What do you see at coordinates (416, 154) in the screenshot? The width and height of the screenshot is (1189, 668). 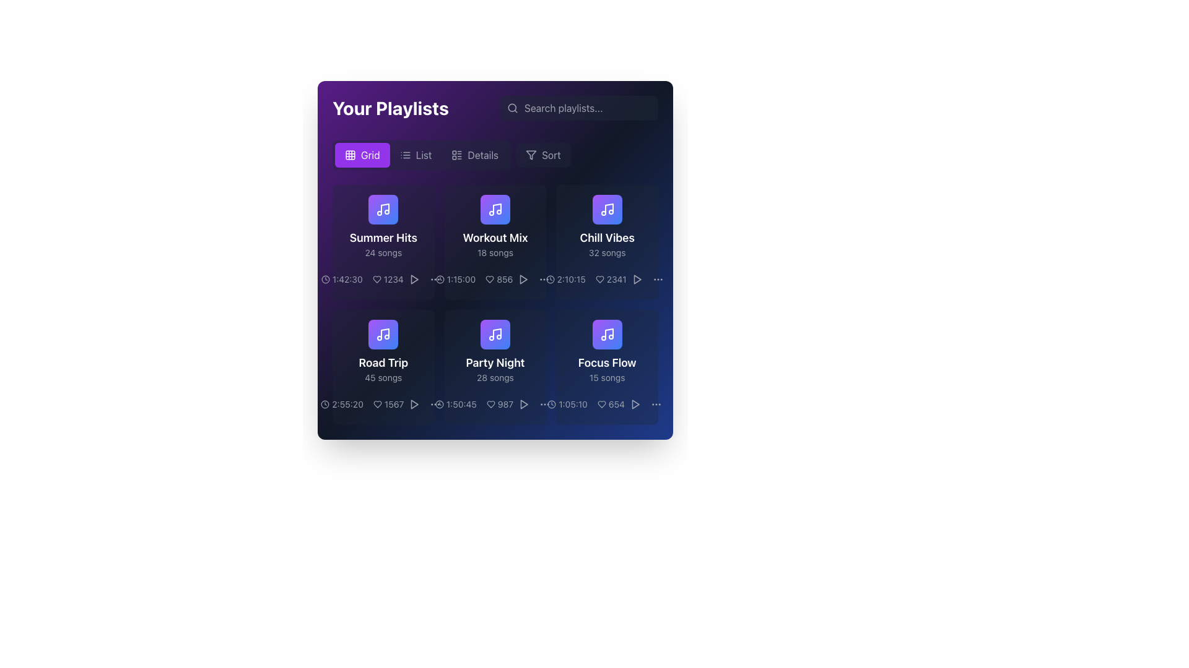 I see `the button with a list icon and the text 'List'` at bounding box center [416, 154].